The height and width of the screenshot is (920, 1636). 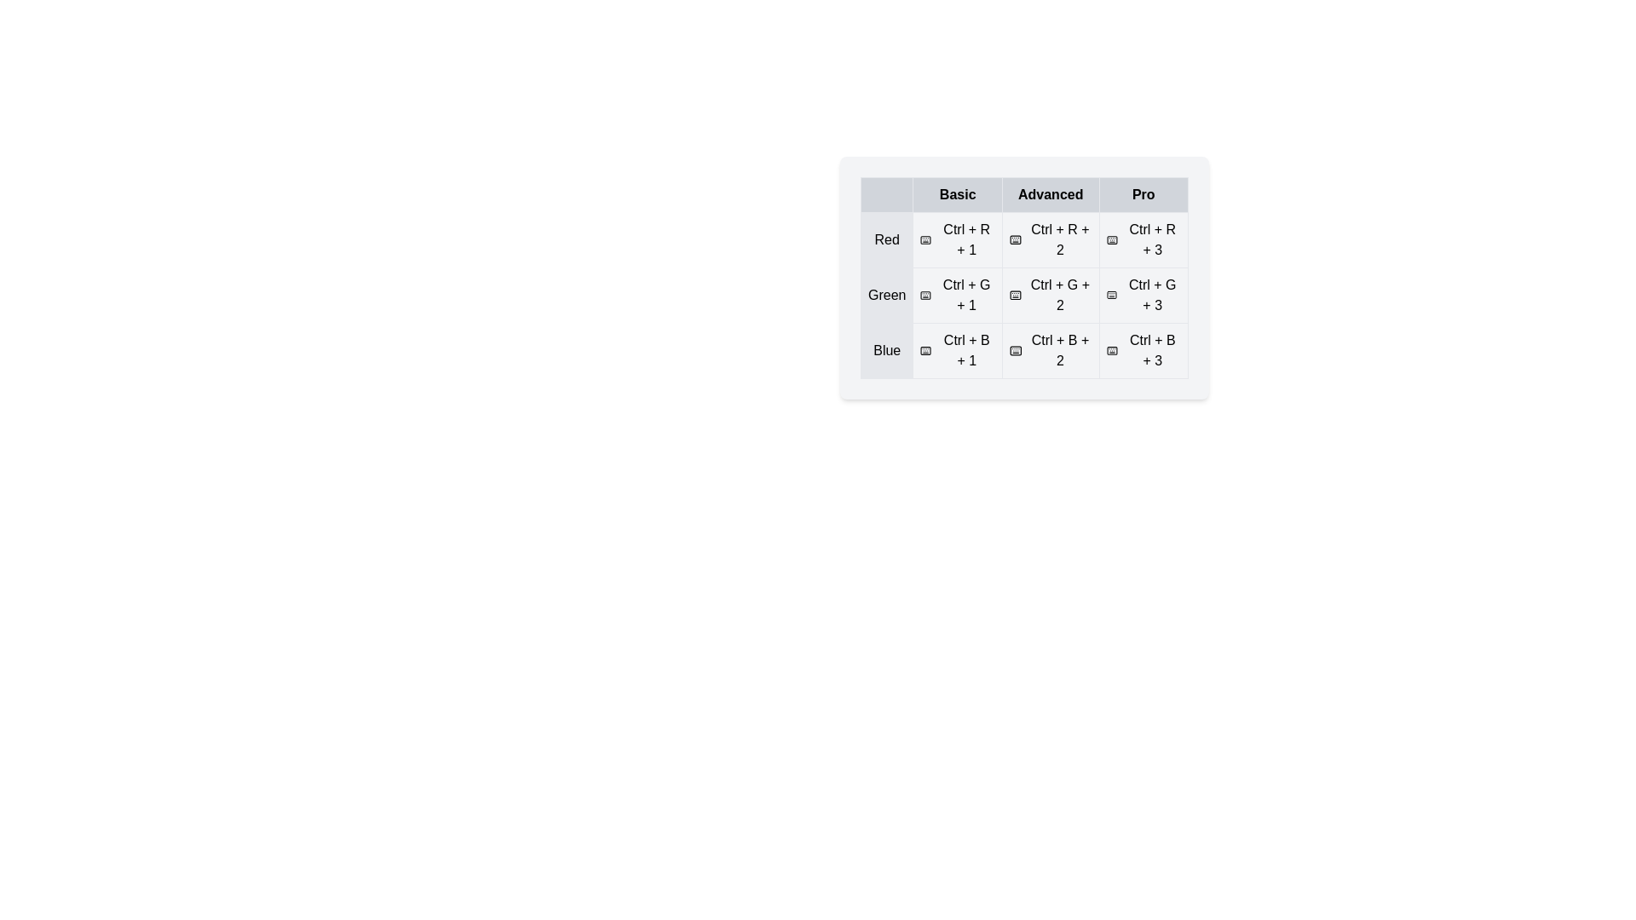 I want to click on the second item in the row labeled 'Green' within the grid or table structure for accessibility purposes, so click(x=1050, y=295).